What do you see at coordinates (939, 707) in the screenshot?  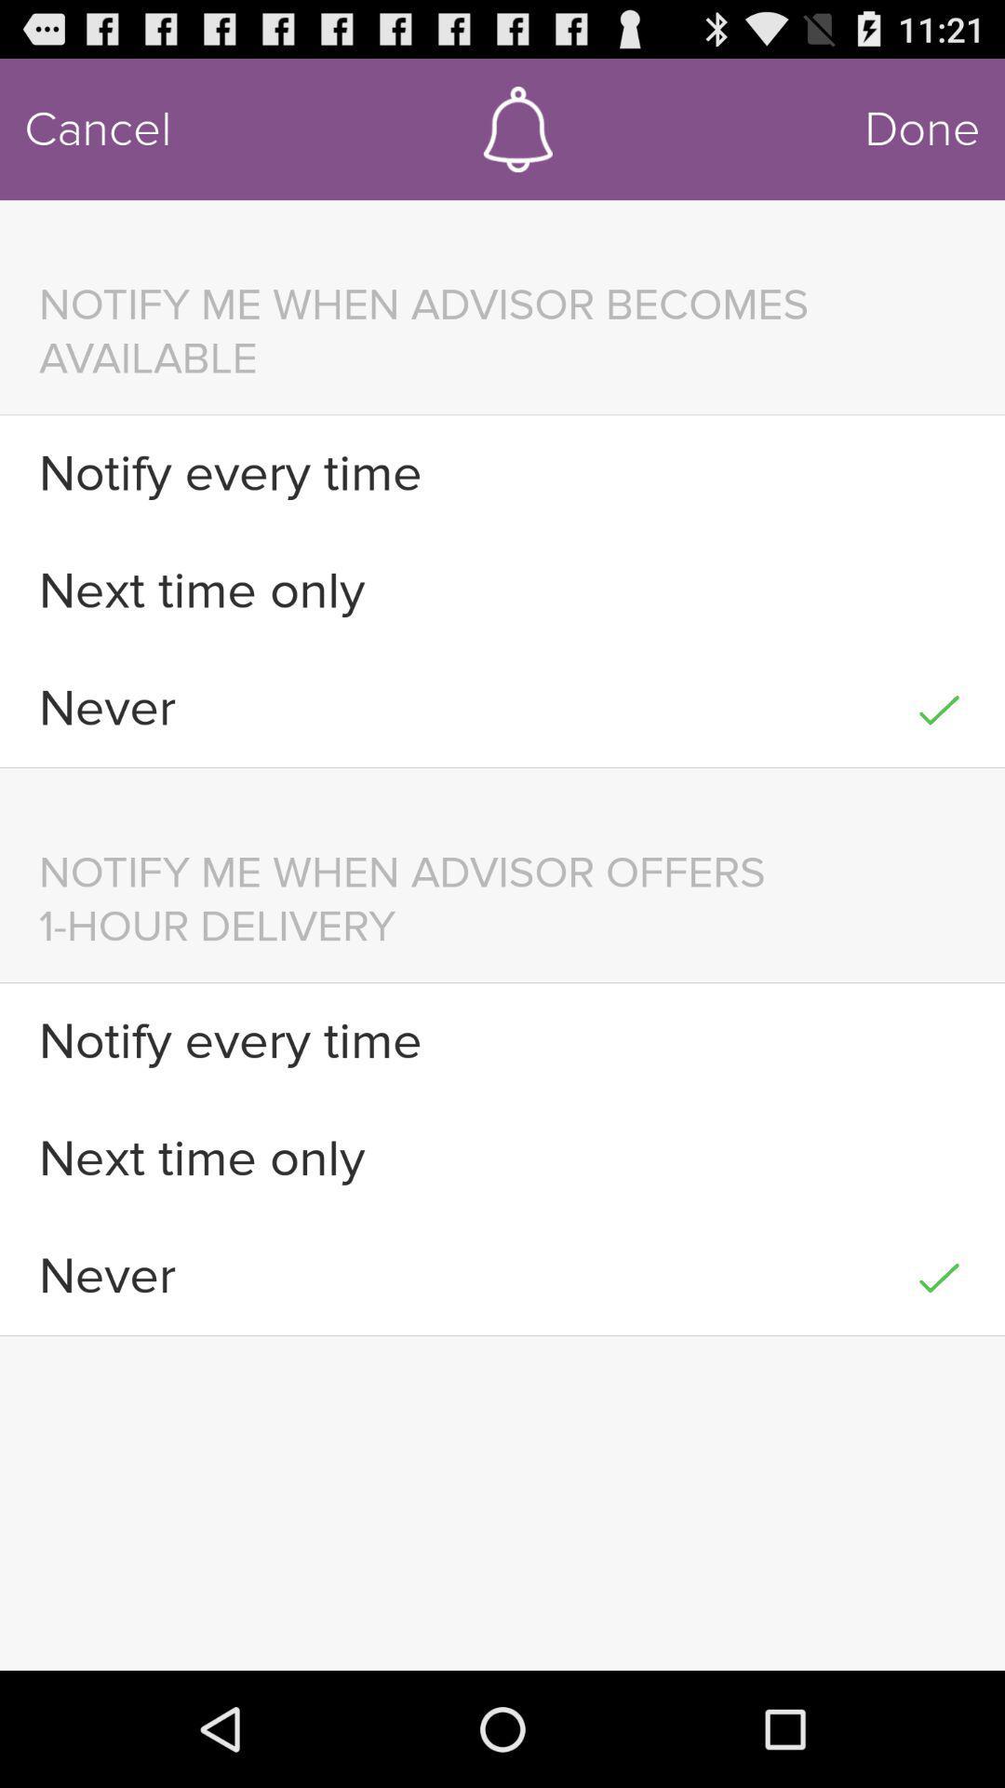 I see `icon next to the never icon` at bounding box center [939, 707].